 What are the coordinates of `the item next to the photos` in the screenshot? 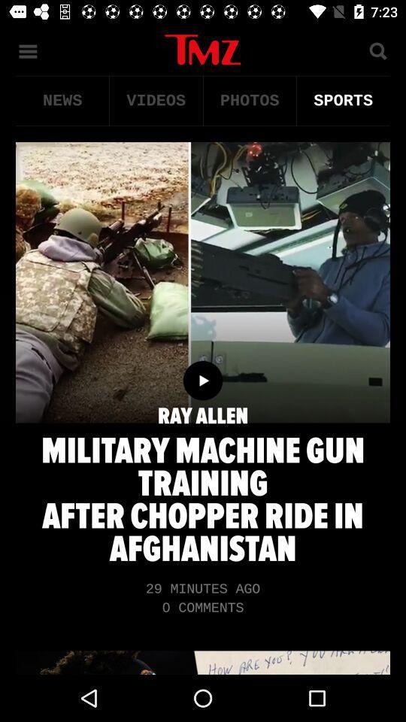 It's located at (343, 100).